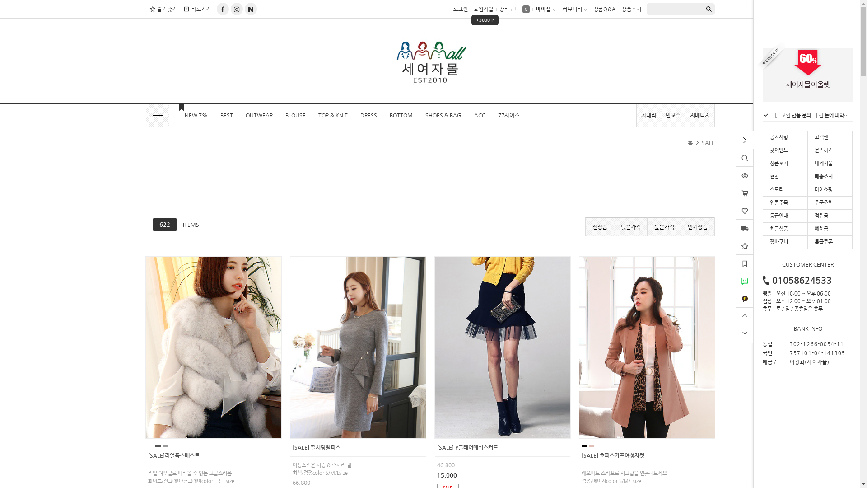 Image resolution: width=867 pixels, height=488 pixels. What do you see at coordinates (295, 114) in the screenshot?
I see `'BLOUSE'` at bounding box center [295, 114].